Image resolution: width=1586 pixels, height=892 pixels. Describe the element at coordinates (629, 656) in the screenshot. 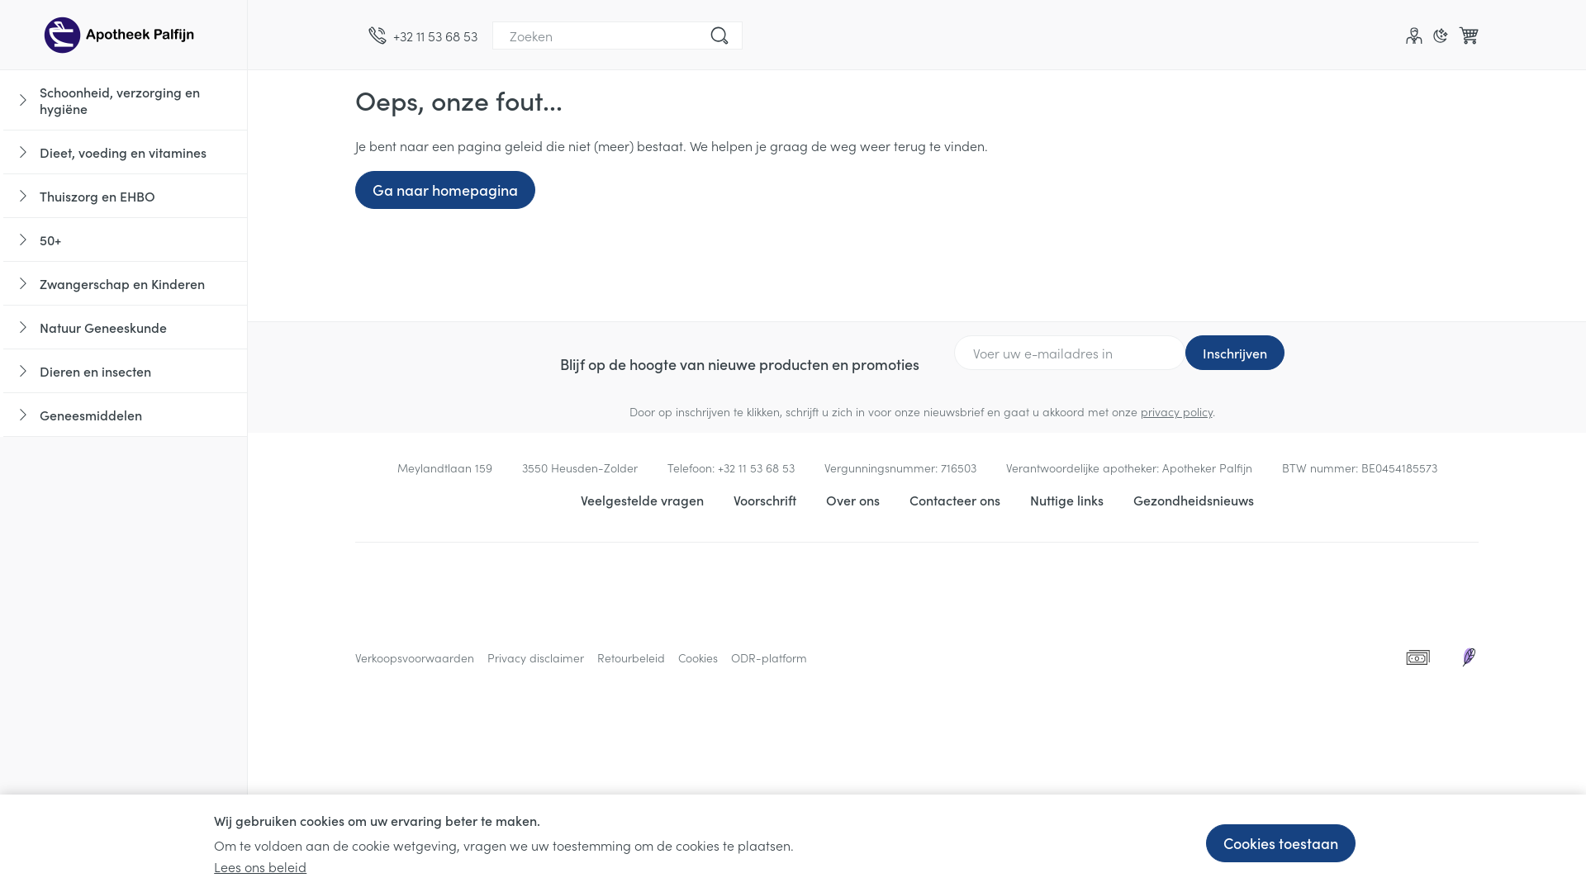

I see `'Retourbeleid'` at that location.